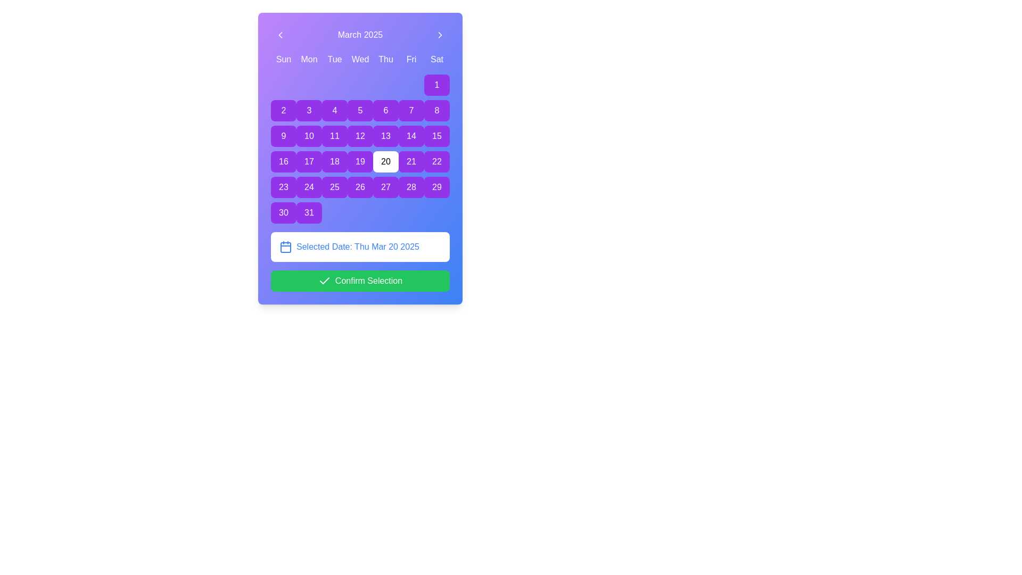  Describe the element at coordinates (360, 59) in the screenshot. I see `the Text header row that displays the days of the week (Sun, Mon, Tue, Wed, Thu, Fri, Sat) centered below 'March 2025' in the calendar layout` at that location.